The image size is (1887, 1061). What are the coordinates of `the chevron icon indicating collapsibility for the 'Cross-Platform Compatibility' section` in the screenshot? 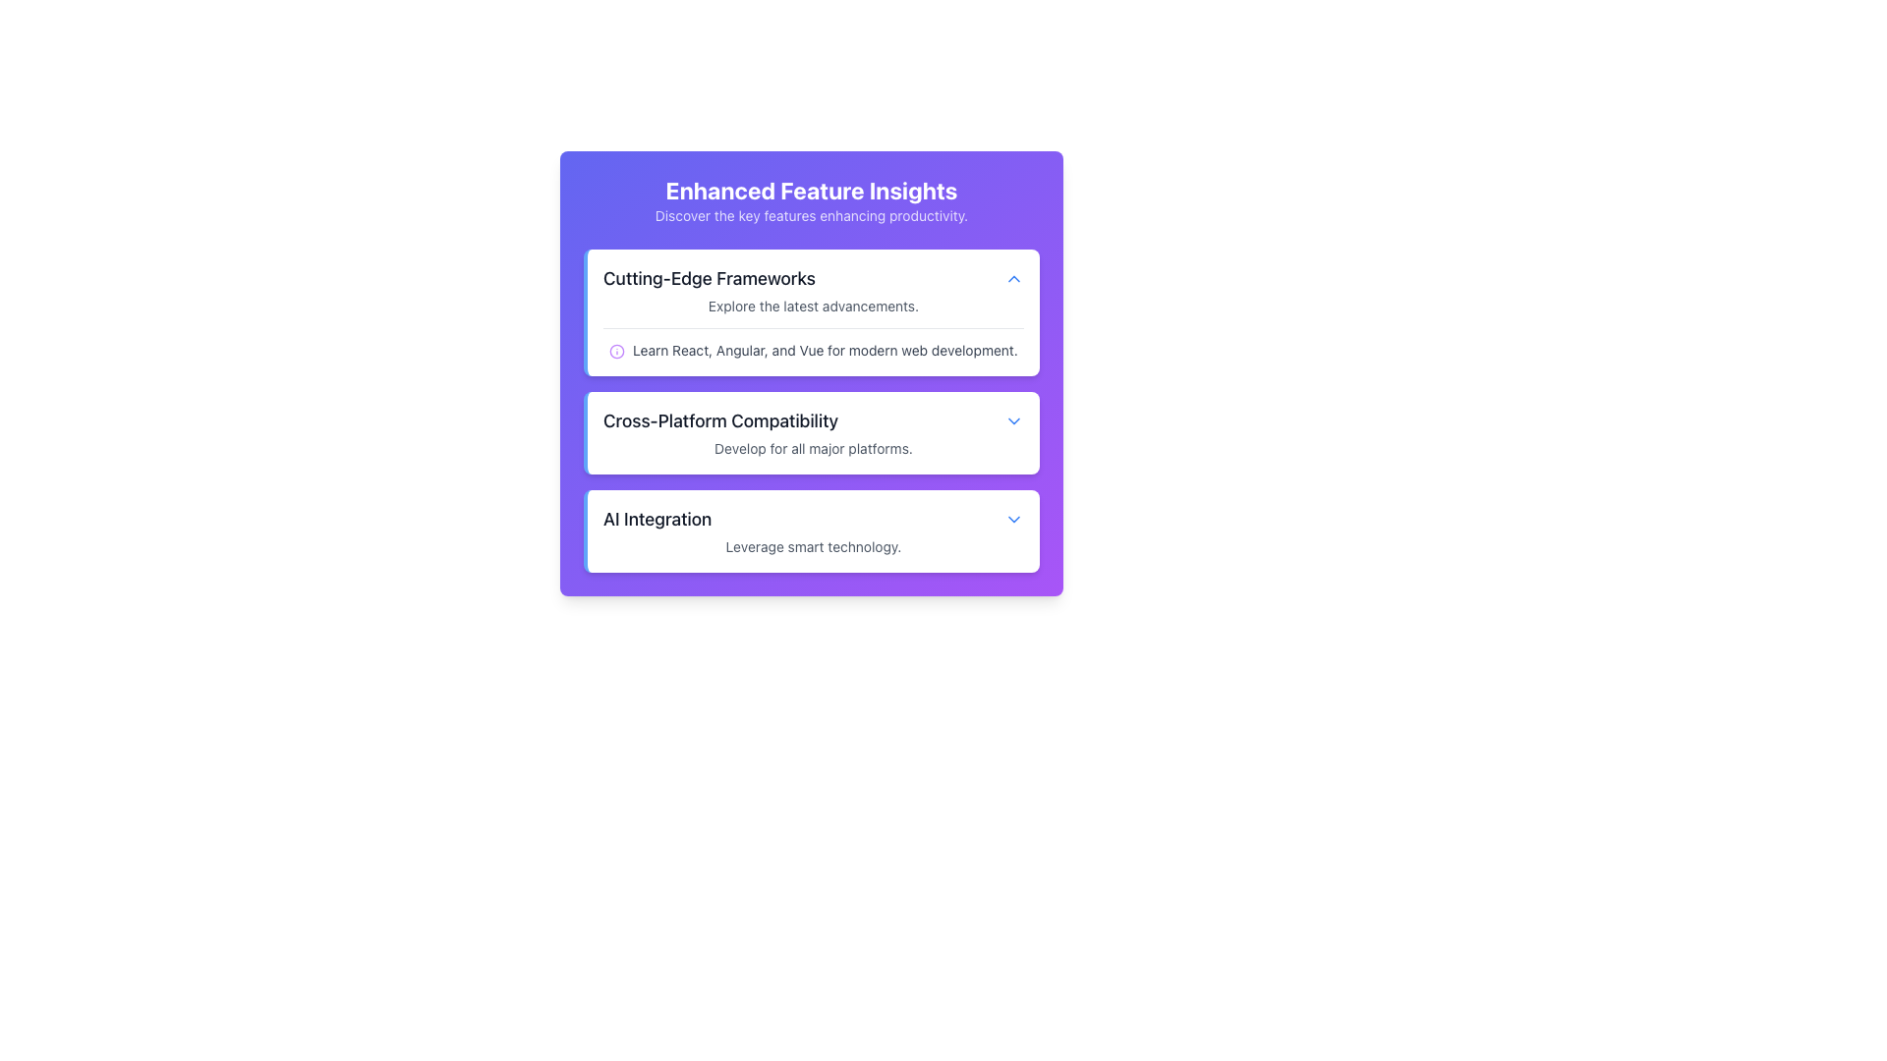 It's located at (1014, 419).